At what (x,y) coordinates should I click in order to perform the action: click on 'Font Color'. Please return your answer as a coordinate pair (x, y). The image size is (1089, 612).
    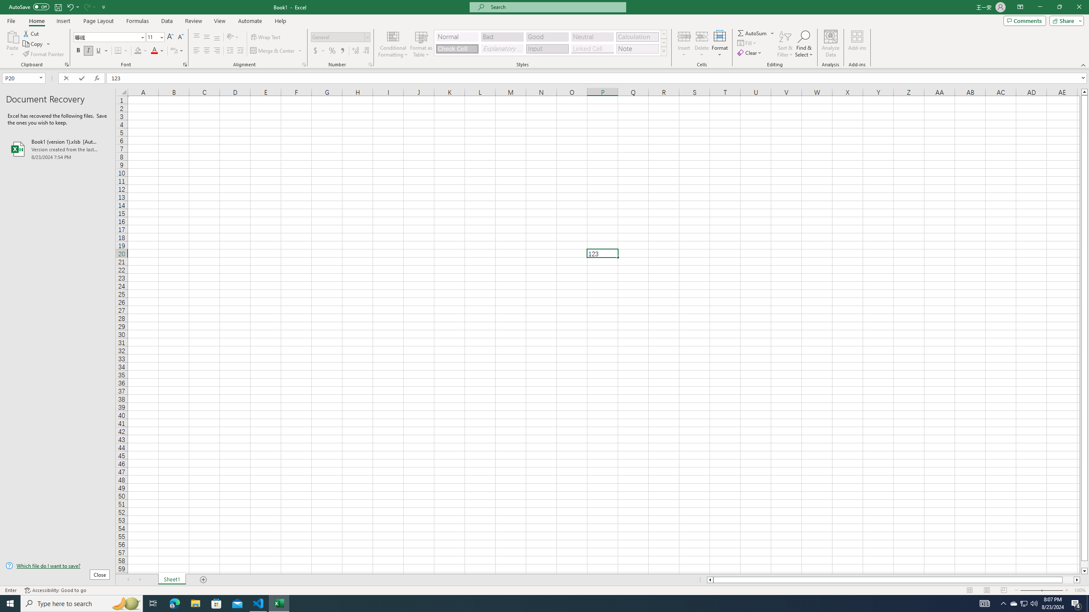
    Looking at the image, I should click on (157, 50).